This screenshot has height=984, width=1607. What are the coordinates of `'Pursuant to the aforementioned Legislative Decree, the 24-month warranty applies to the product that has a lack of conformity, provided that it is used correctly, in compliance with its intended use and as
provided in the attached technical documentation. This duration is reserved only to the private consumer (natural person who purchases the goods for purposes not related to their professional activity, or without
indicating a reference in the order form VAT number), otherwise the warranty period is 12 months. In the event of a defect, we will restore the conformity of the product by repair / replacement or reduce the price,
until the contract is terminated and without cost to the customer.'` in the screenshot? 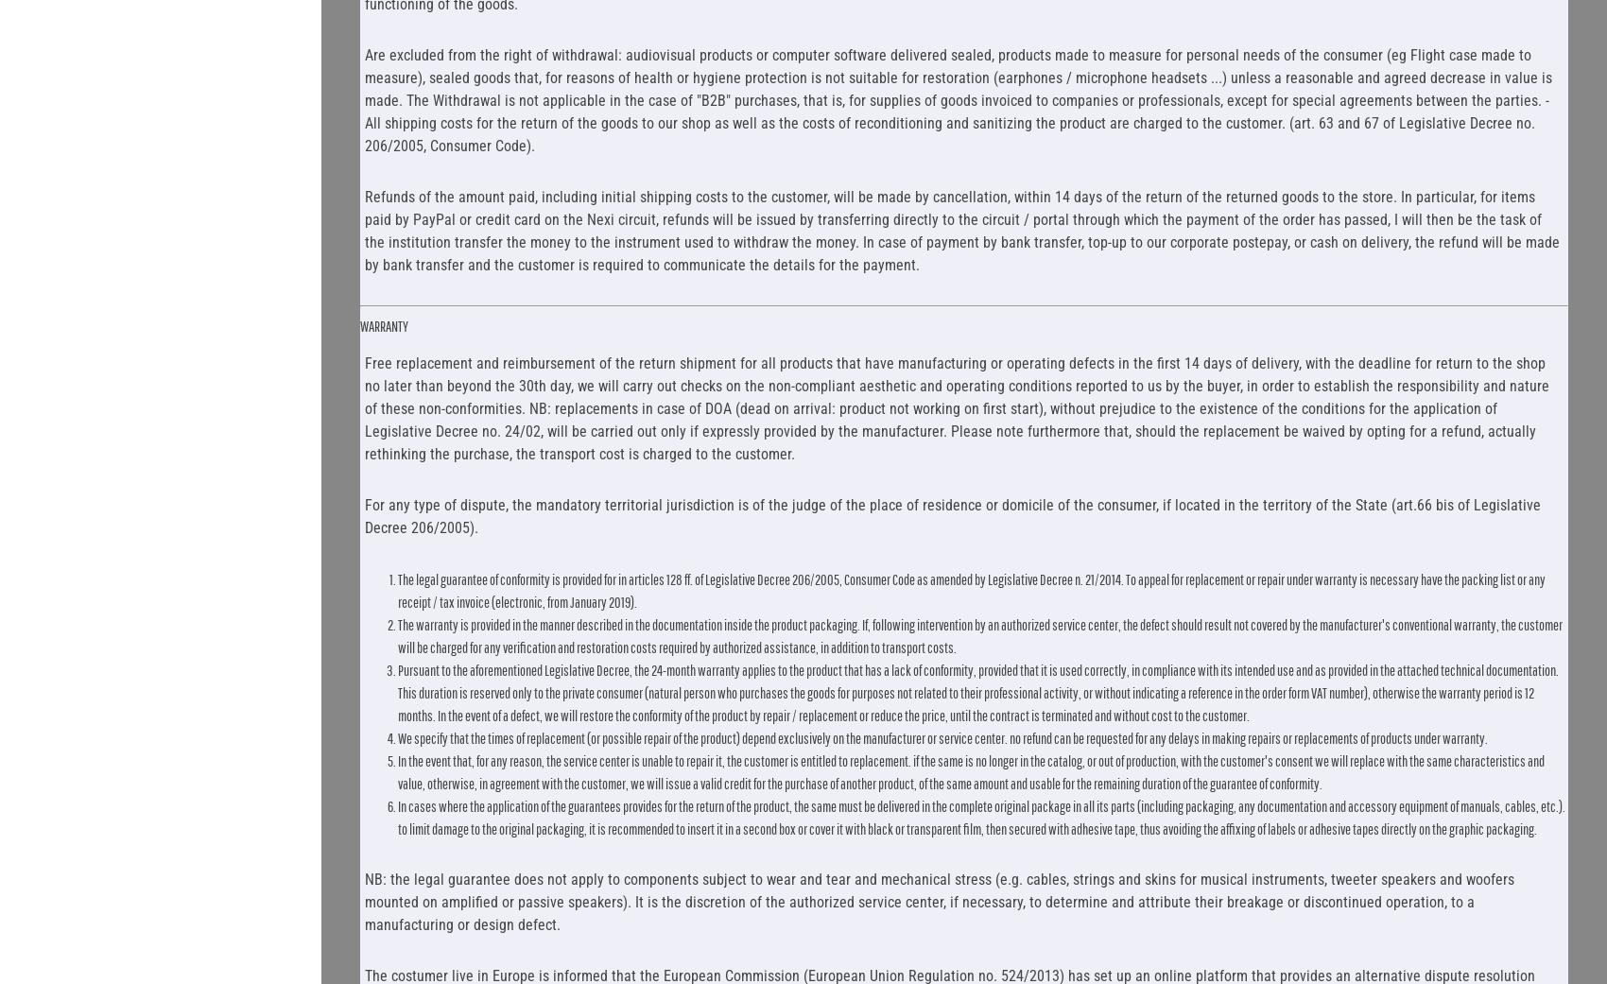 It's located at (976, 692).